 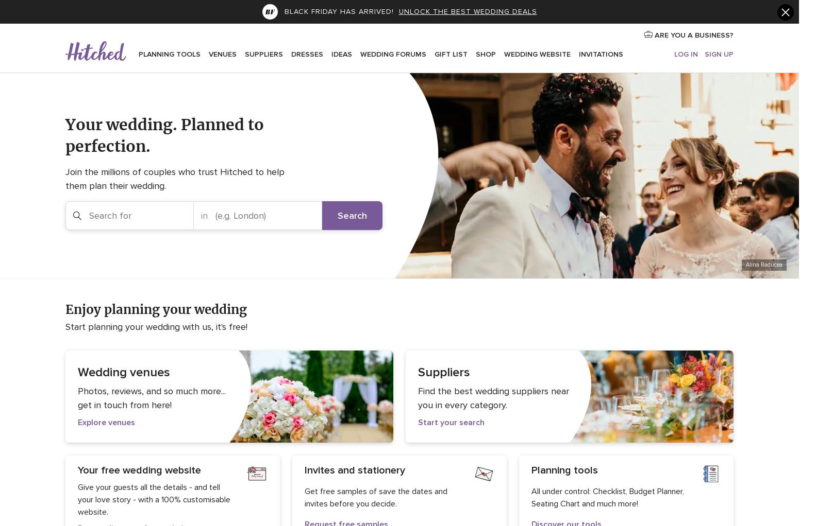 What do you see at coordinates (652, 35) in the screenshot?
I see `'ARE YOU A BUSINESS?'` at bounding box center [652, 35].